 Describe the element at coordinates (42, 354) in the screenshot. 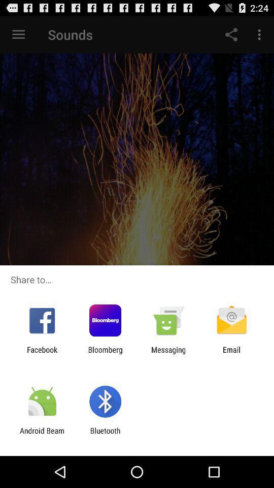

I see `facebook icon` at that location.